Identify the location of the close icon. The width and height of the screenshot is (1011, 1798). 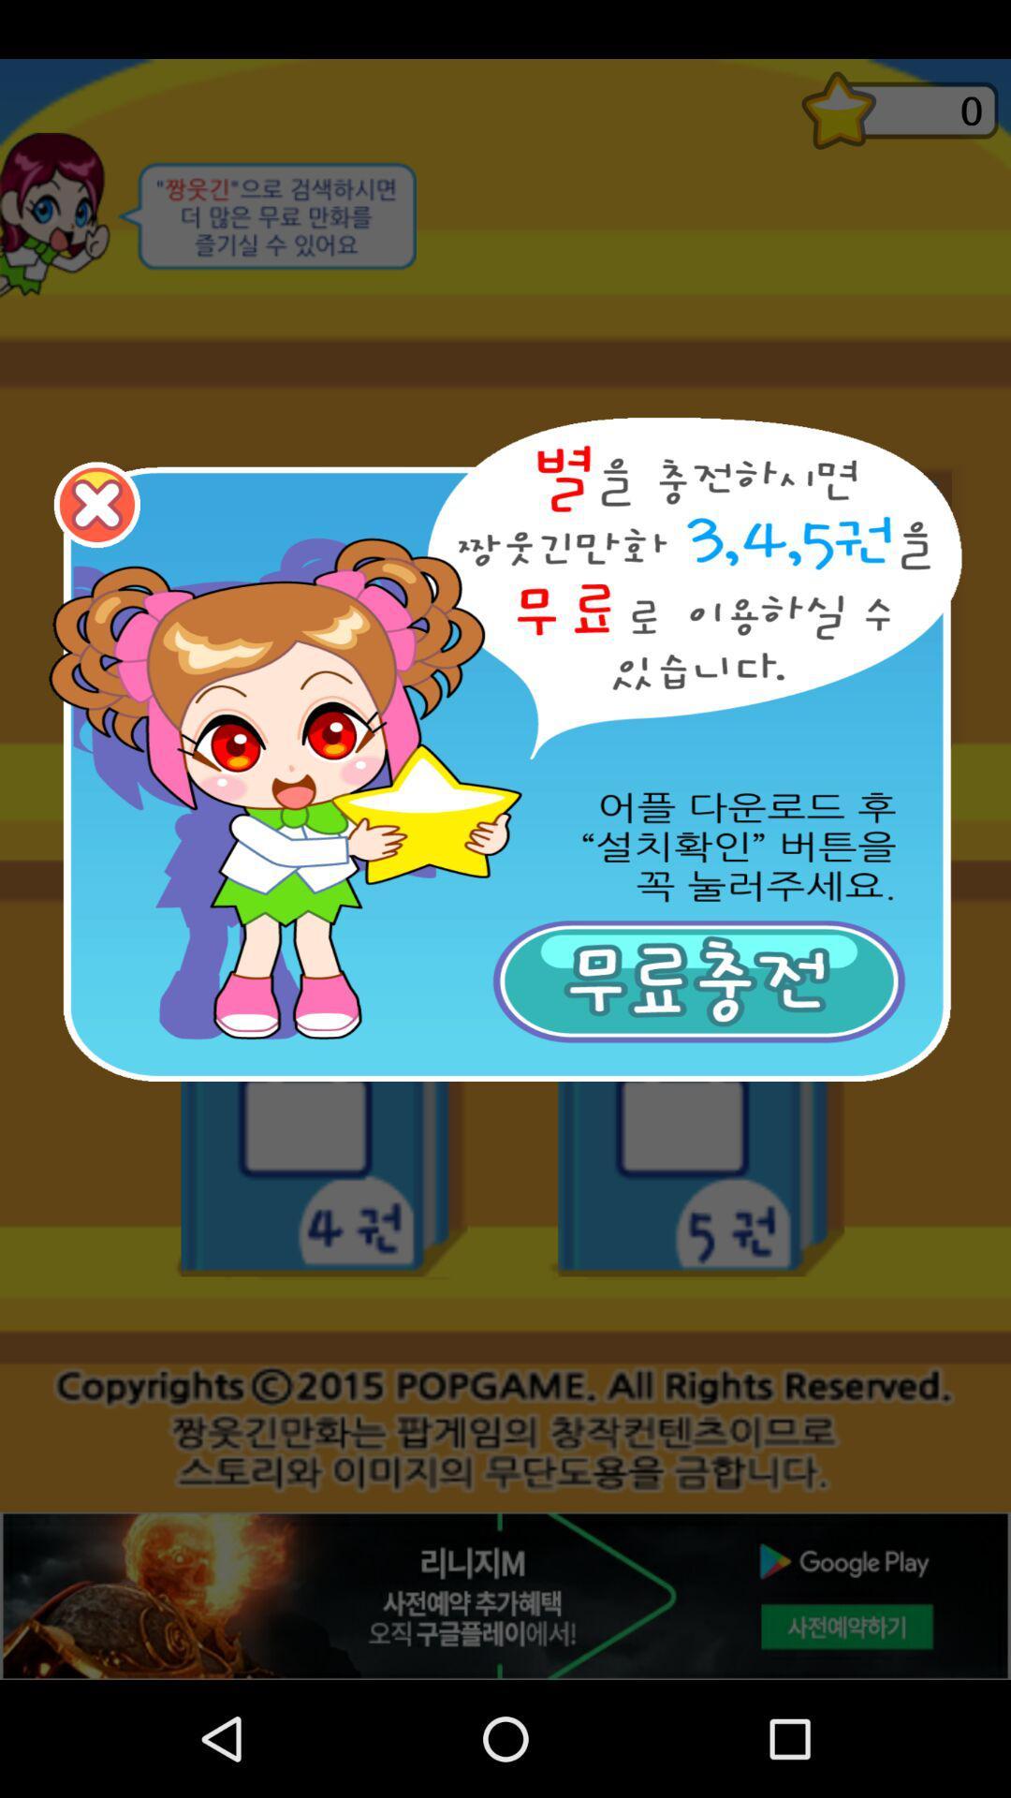
(96, 539).